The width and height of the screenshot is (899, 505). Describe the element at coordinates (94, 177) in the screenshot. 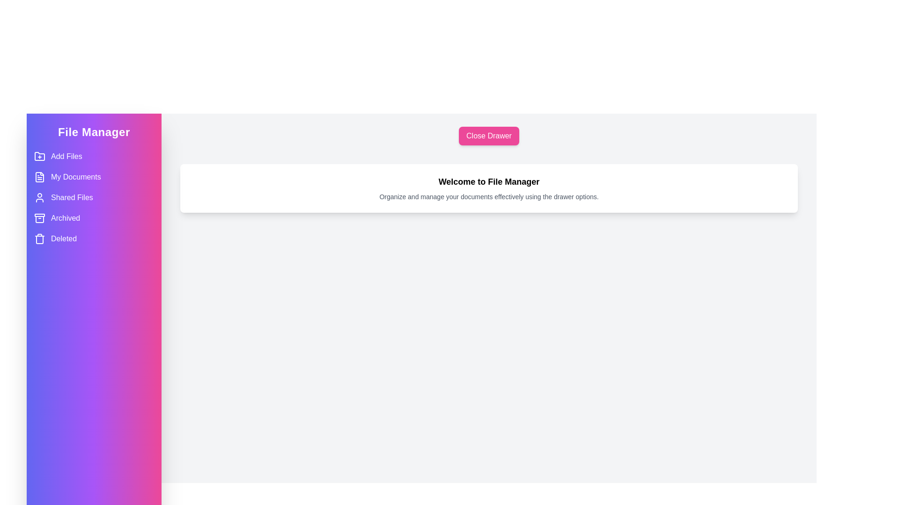

I see `the menu item labeled My Documents` at that location.